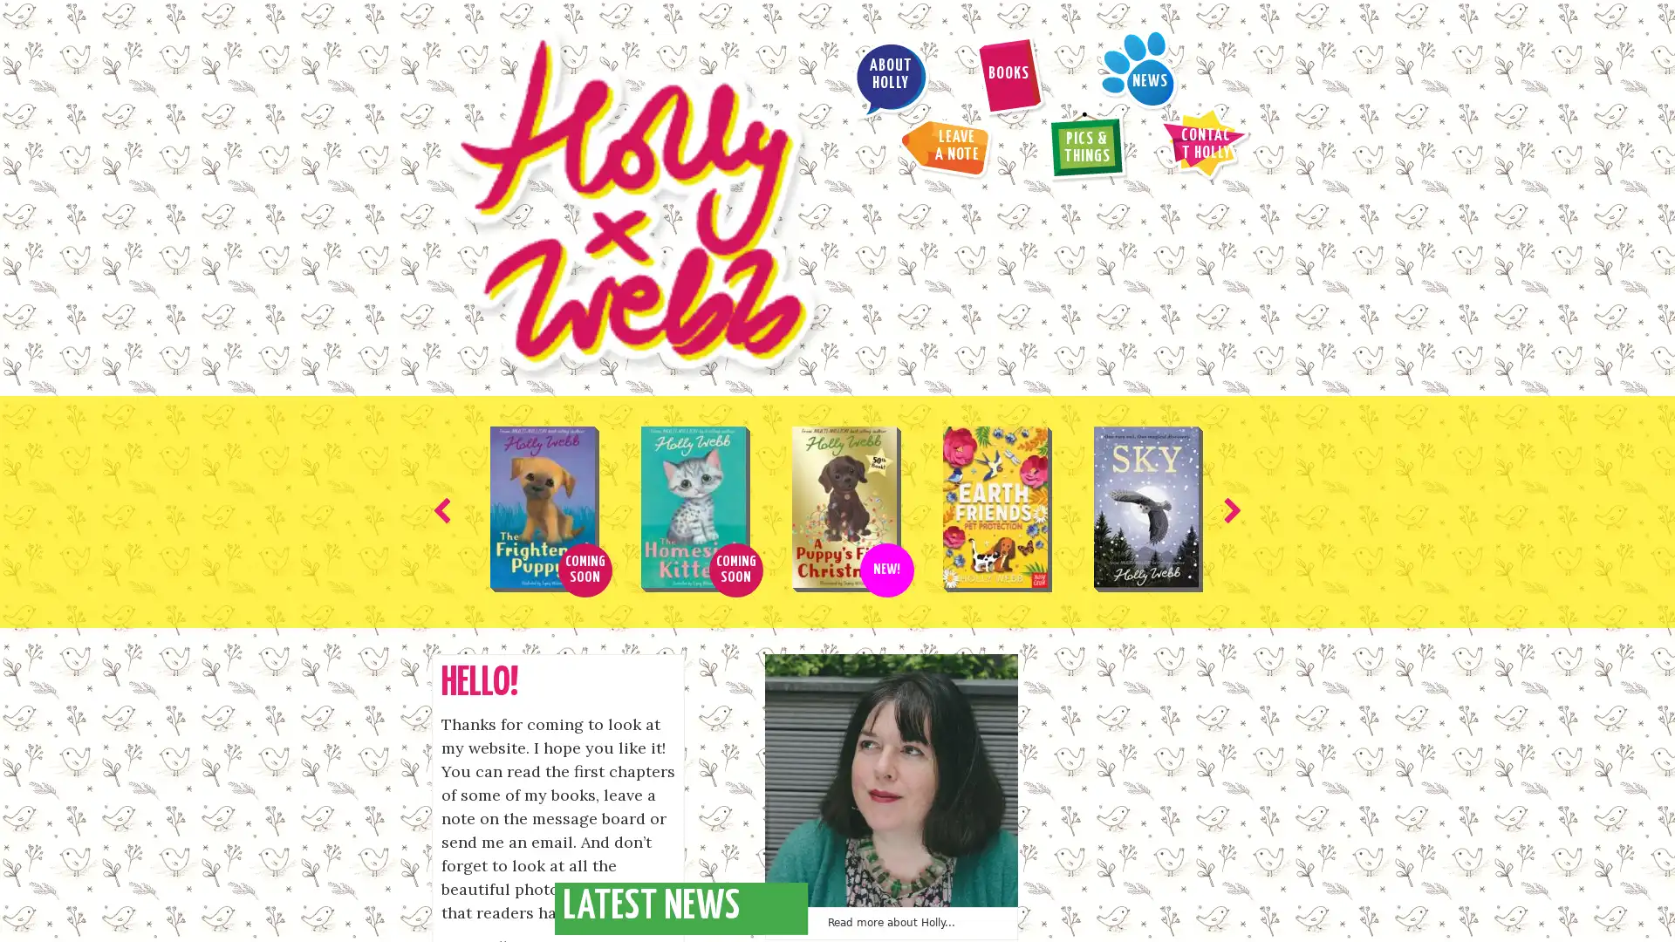 Image resolution: width=1675 pixels, height=942 pixels. I want to click on Previous, so click(445, 304).